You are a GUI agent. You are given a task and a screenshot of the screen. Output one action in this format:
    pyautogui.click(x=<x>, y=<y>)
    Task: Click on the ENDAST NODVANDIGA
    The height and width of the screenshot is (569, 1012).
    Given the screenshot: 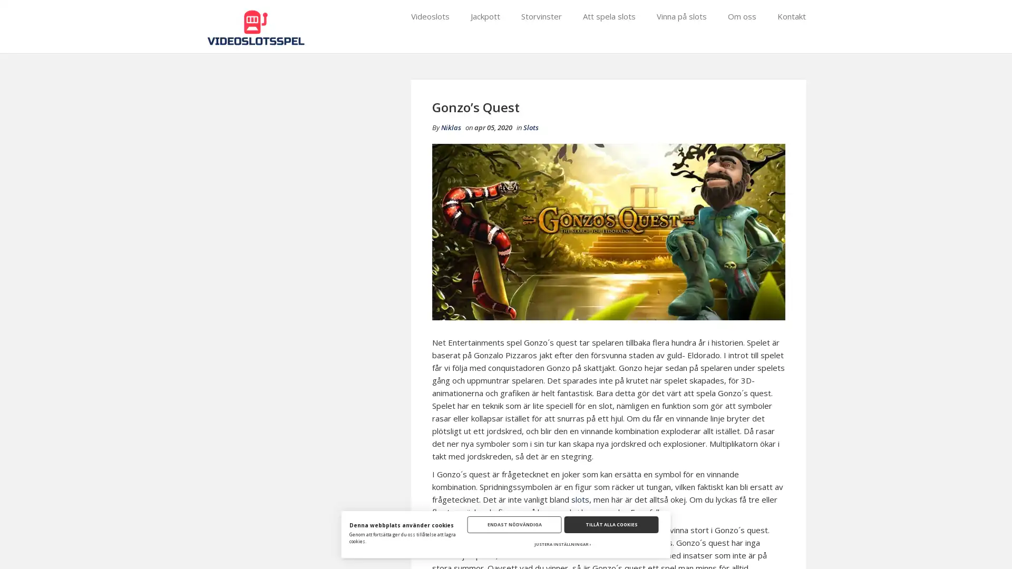 What is the action you would take?
    pyautogui.click(x=514, y=524)
    